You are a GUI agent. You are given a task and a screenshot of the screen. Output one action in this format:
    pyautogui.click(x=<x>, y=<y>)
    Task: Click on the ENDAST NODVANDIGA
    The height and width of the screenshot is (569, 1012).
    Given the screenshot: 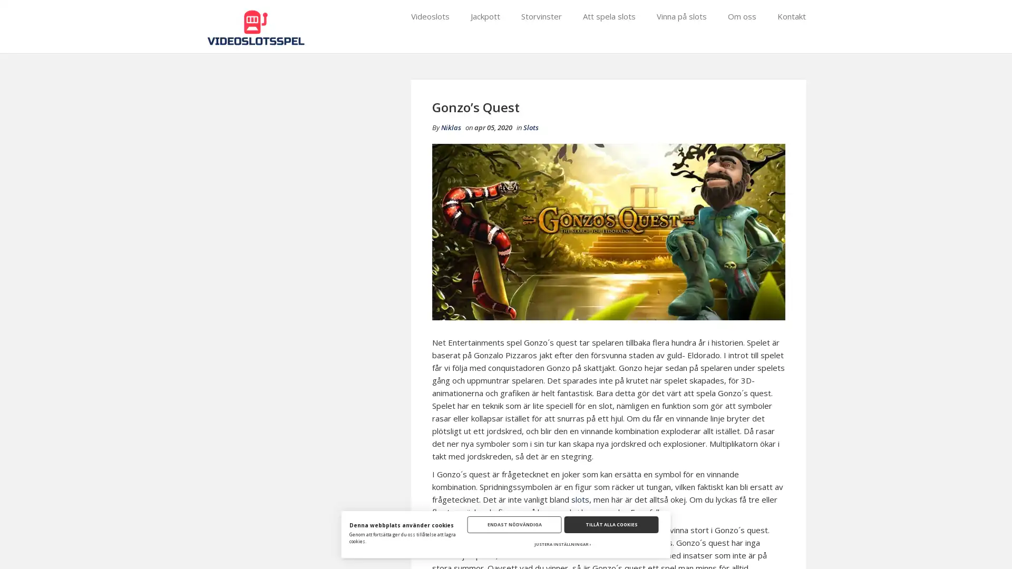 What is the action you would take?
    pyautogui.click(x=514, y=524)
    